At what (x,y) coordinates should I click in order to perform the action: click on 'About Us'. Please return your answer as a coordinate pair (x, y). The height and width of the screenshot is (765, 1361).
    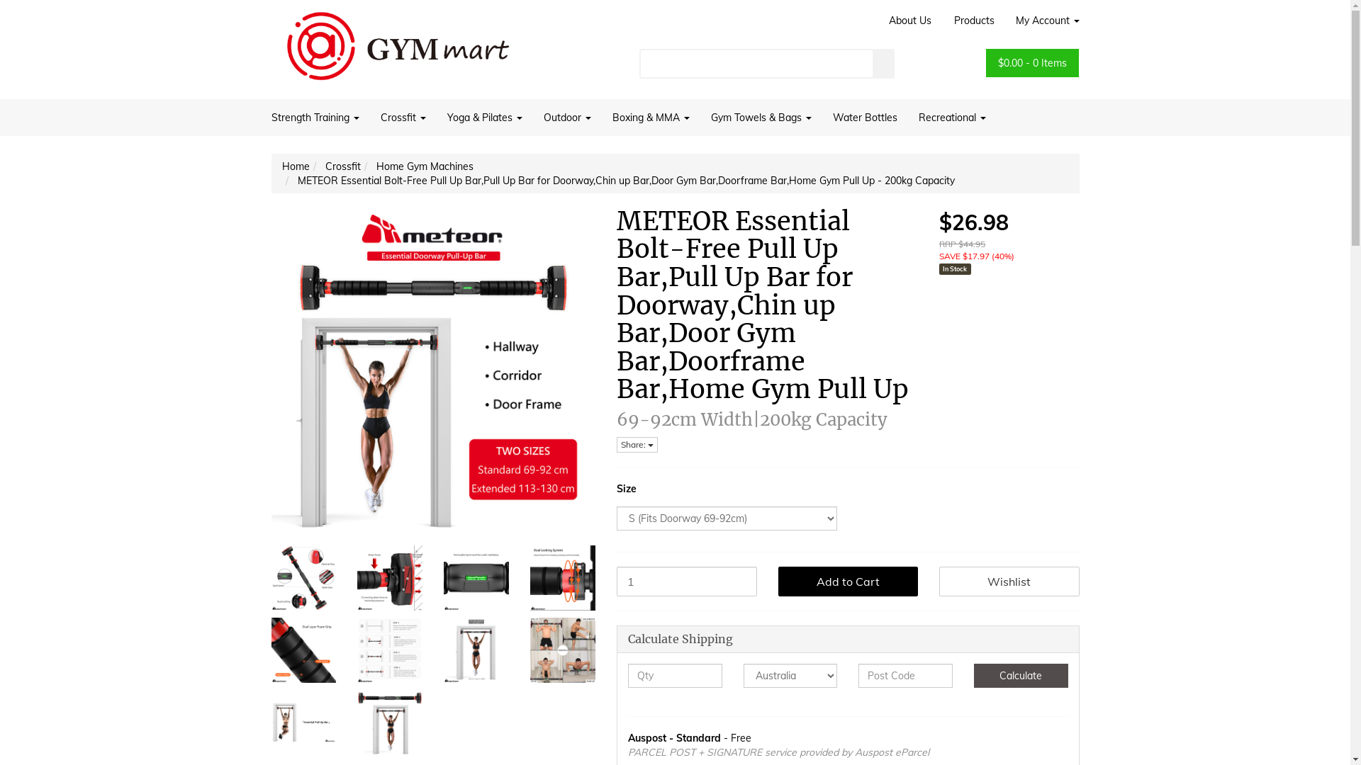
    Looking at the image, I should click on (909, 21).